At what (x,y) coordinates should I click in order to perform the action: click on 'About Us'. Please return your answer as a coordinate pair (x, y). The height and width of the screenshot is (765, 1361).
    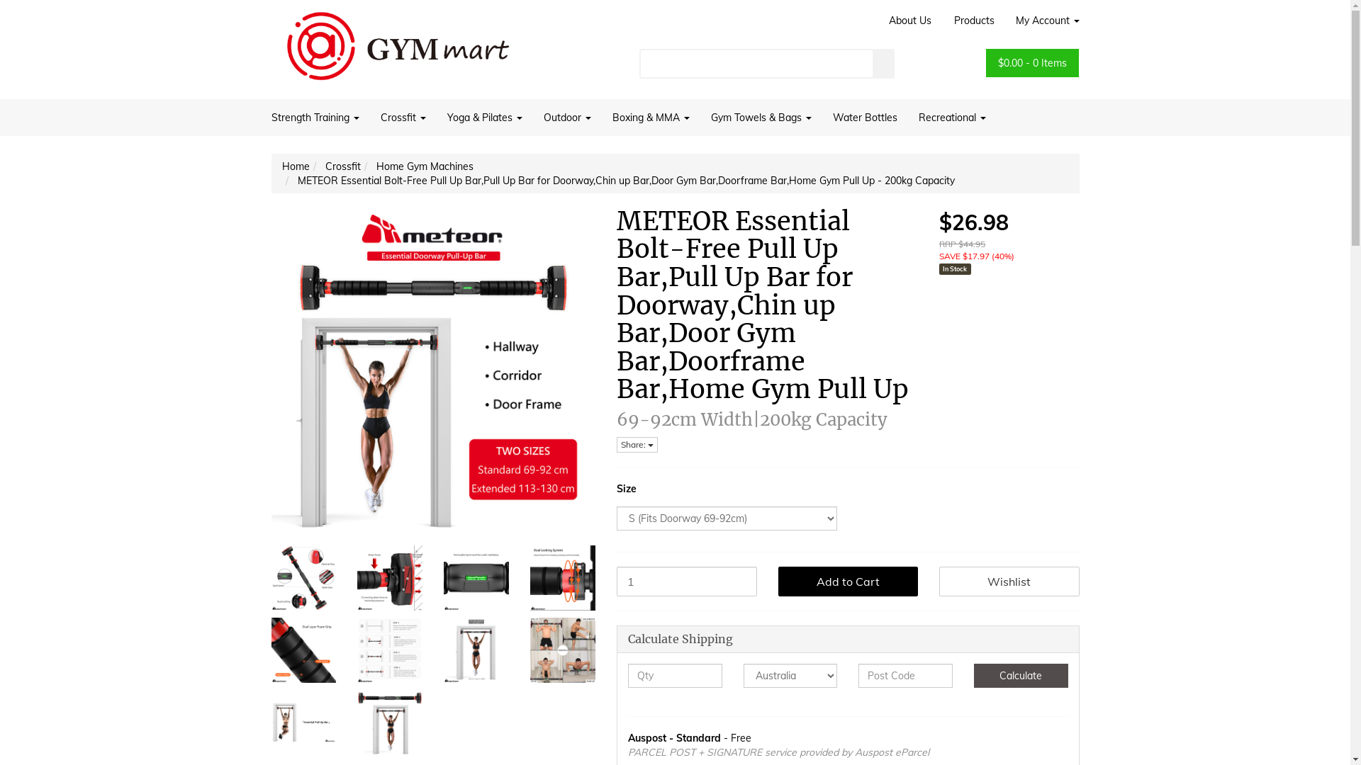
    Looking at the image, I should click on (909, 21).